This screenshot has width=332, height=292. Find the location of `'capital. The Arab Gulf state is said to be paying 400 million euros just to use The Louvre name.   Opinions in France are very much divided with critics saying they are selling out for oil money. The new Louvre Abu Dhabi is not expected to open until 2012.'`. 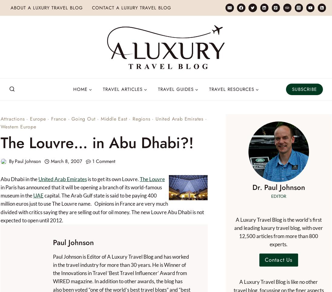

'capital. The Arab Gulf state is said to be paying 400 million euros just to use The Louvre name.   Opinions in France are very much divided with critics saying they are selling out for oil money. The new Louvre Abu Dhabi is not expected to open until 2012.' is located at coordinates (0, 207).